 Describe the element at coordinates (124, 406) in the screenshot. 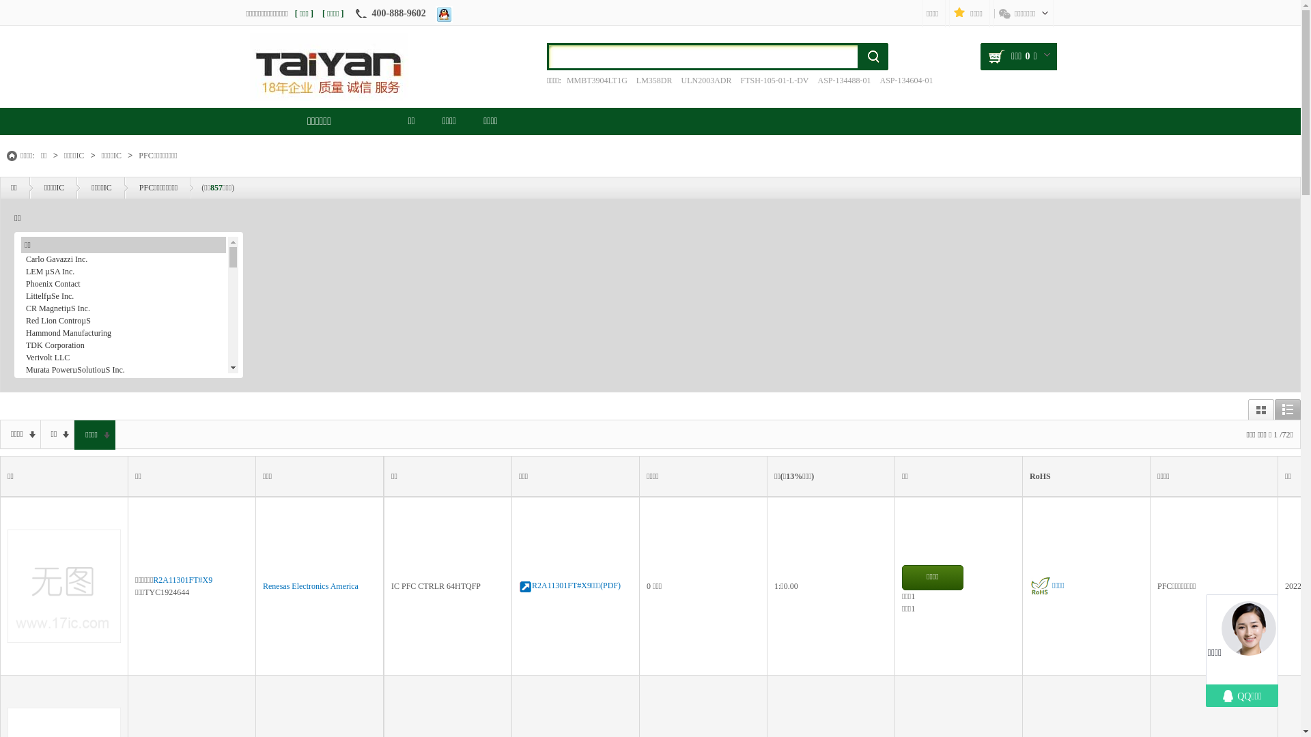

I see `'KEMET'` at that location.